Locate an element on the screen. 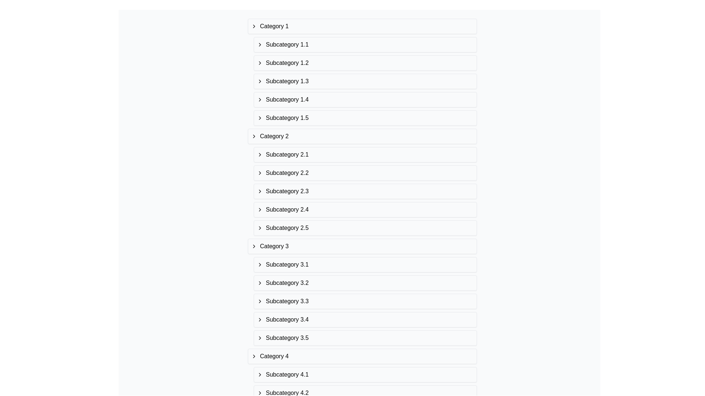 The width and height of the screenshot is (705, 396). small rightward-pointing arrow icon located to the left of the text 'Subcategory 3.4' for accessibility is located at coordinates (260, 319).